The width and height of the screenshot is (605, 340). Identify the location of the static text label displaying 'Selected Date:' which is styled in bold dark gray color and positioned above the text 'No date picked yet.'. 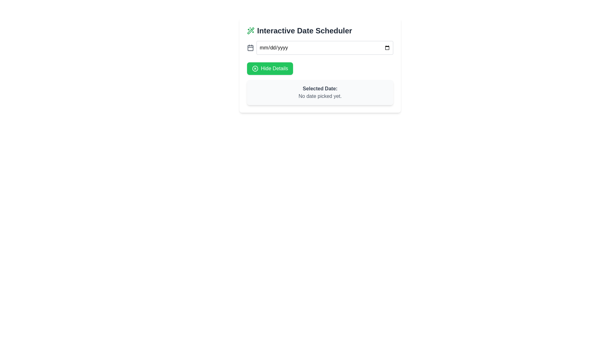
(320, 88).